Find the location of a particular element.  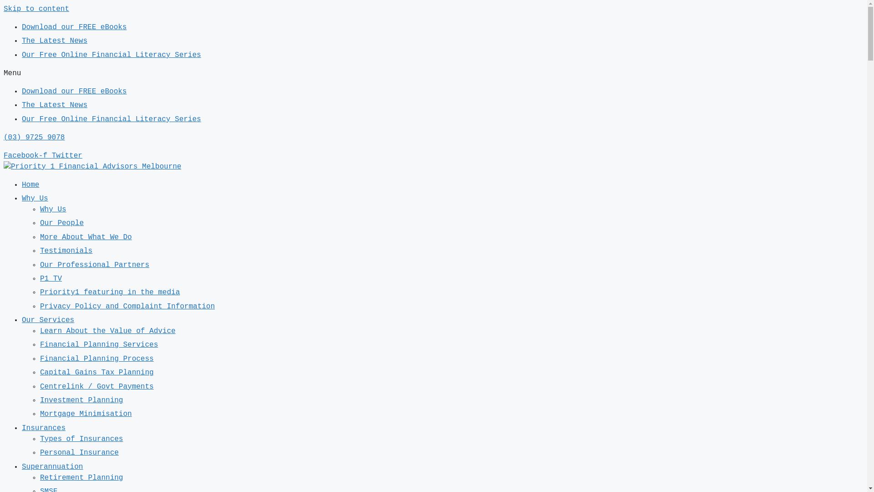

'More About What We Do' is located at coordinates (39, 236).